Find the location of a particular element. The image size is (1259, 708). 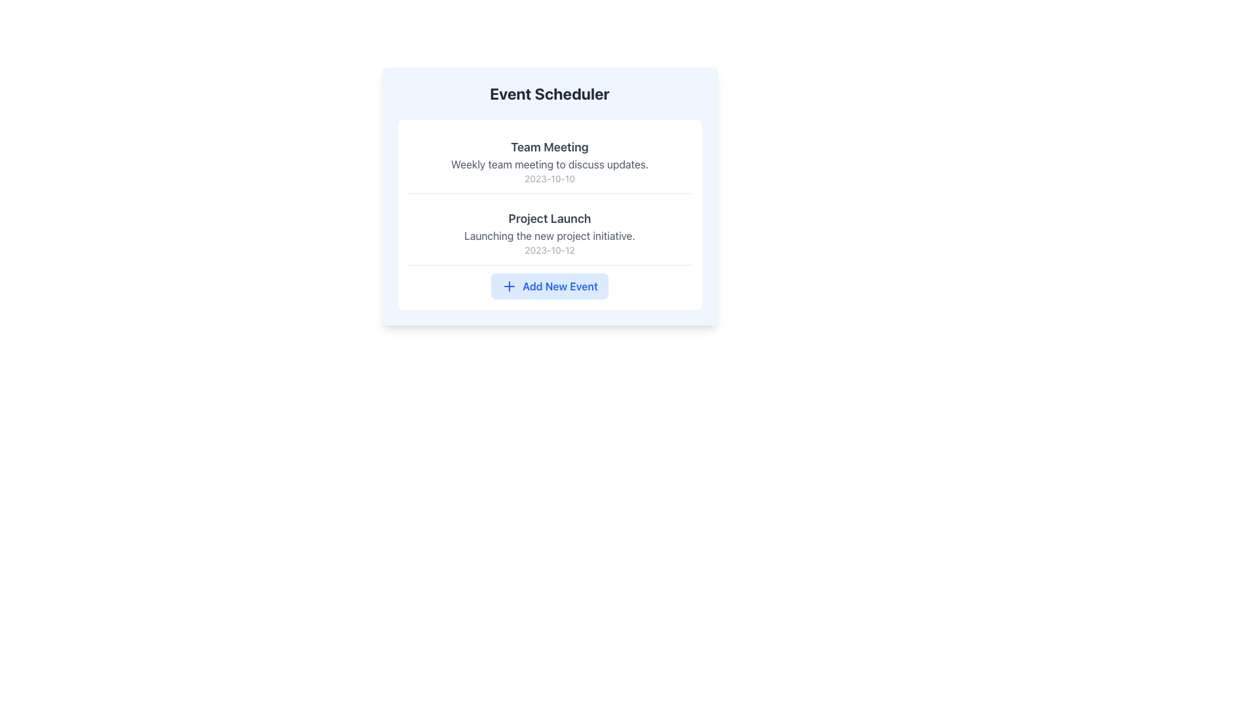

the 'Add New Event' button with a light blue background and a blue plus icon is located at coordinates (550, 285).